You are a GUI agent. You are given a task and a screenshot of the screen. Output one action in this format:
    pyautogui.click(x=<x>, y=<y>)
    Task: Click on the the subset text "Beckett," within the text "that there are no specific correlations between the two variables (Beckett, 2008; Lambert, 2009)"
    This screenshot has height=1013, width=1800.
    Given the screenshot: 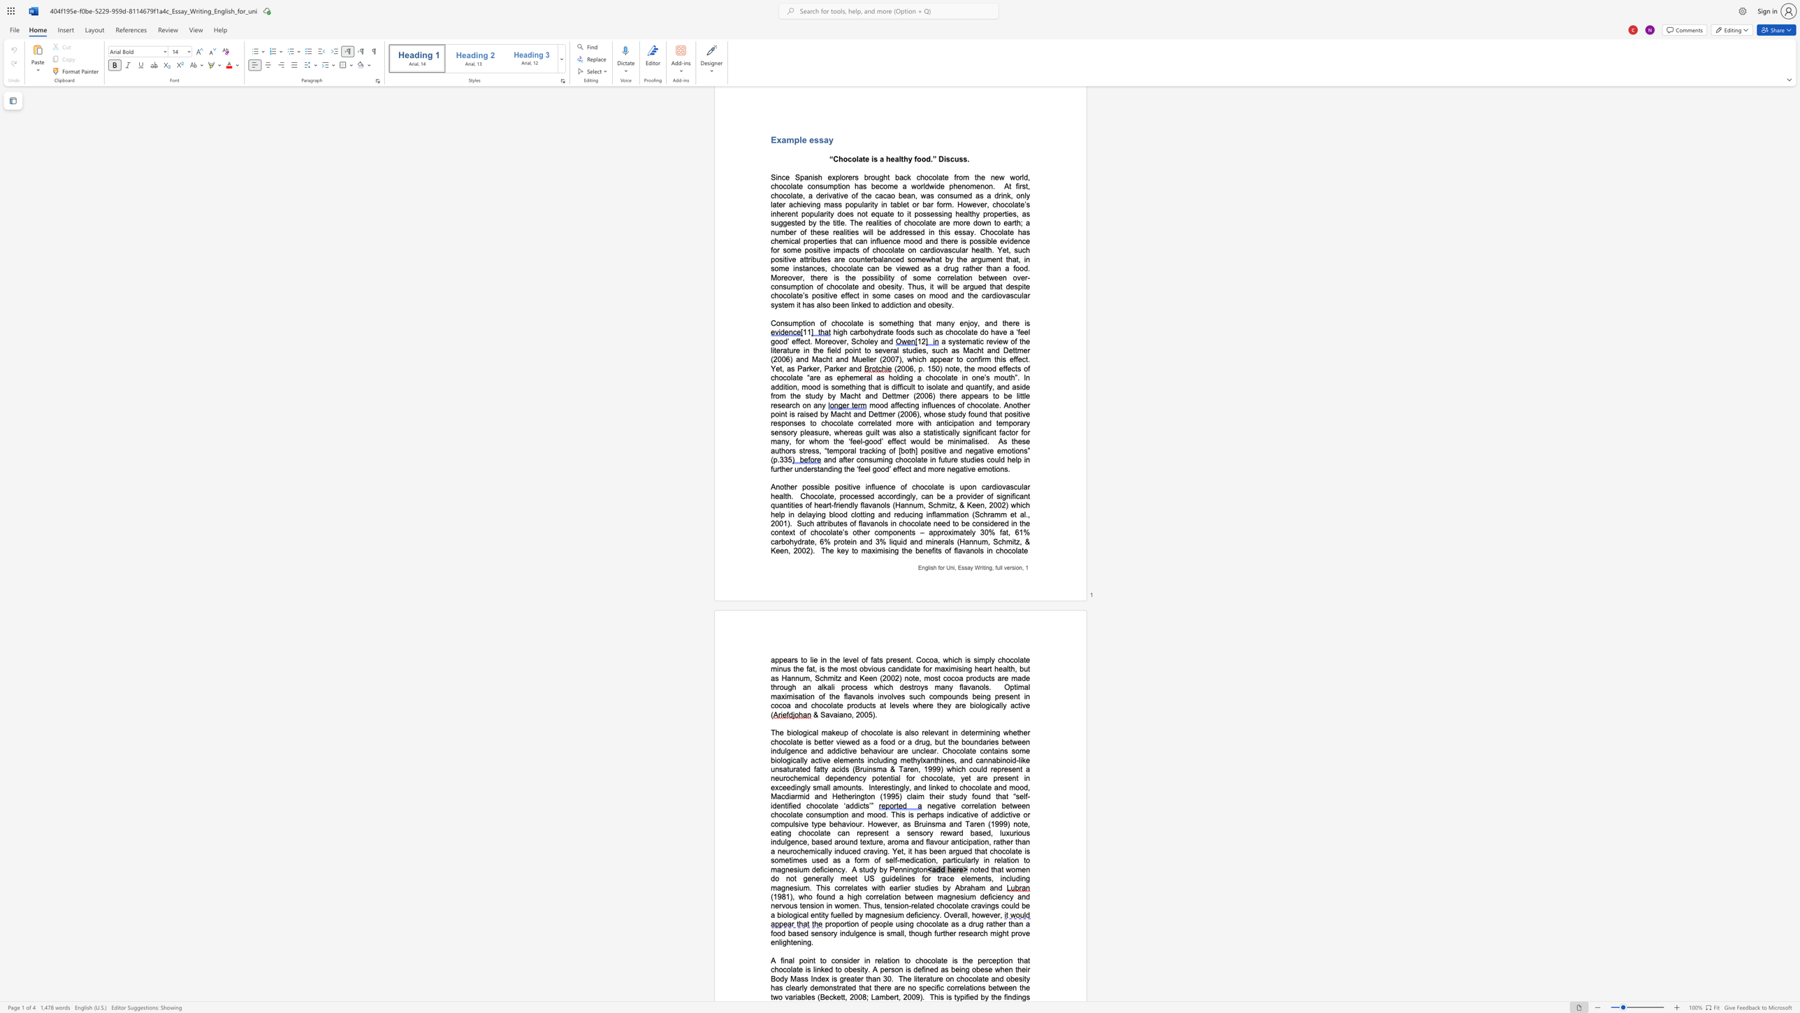 What is the action you would take?
    pyautogui.click(x=819, y=997)
    